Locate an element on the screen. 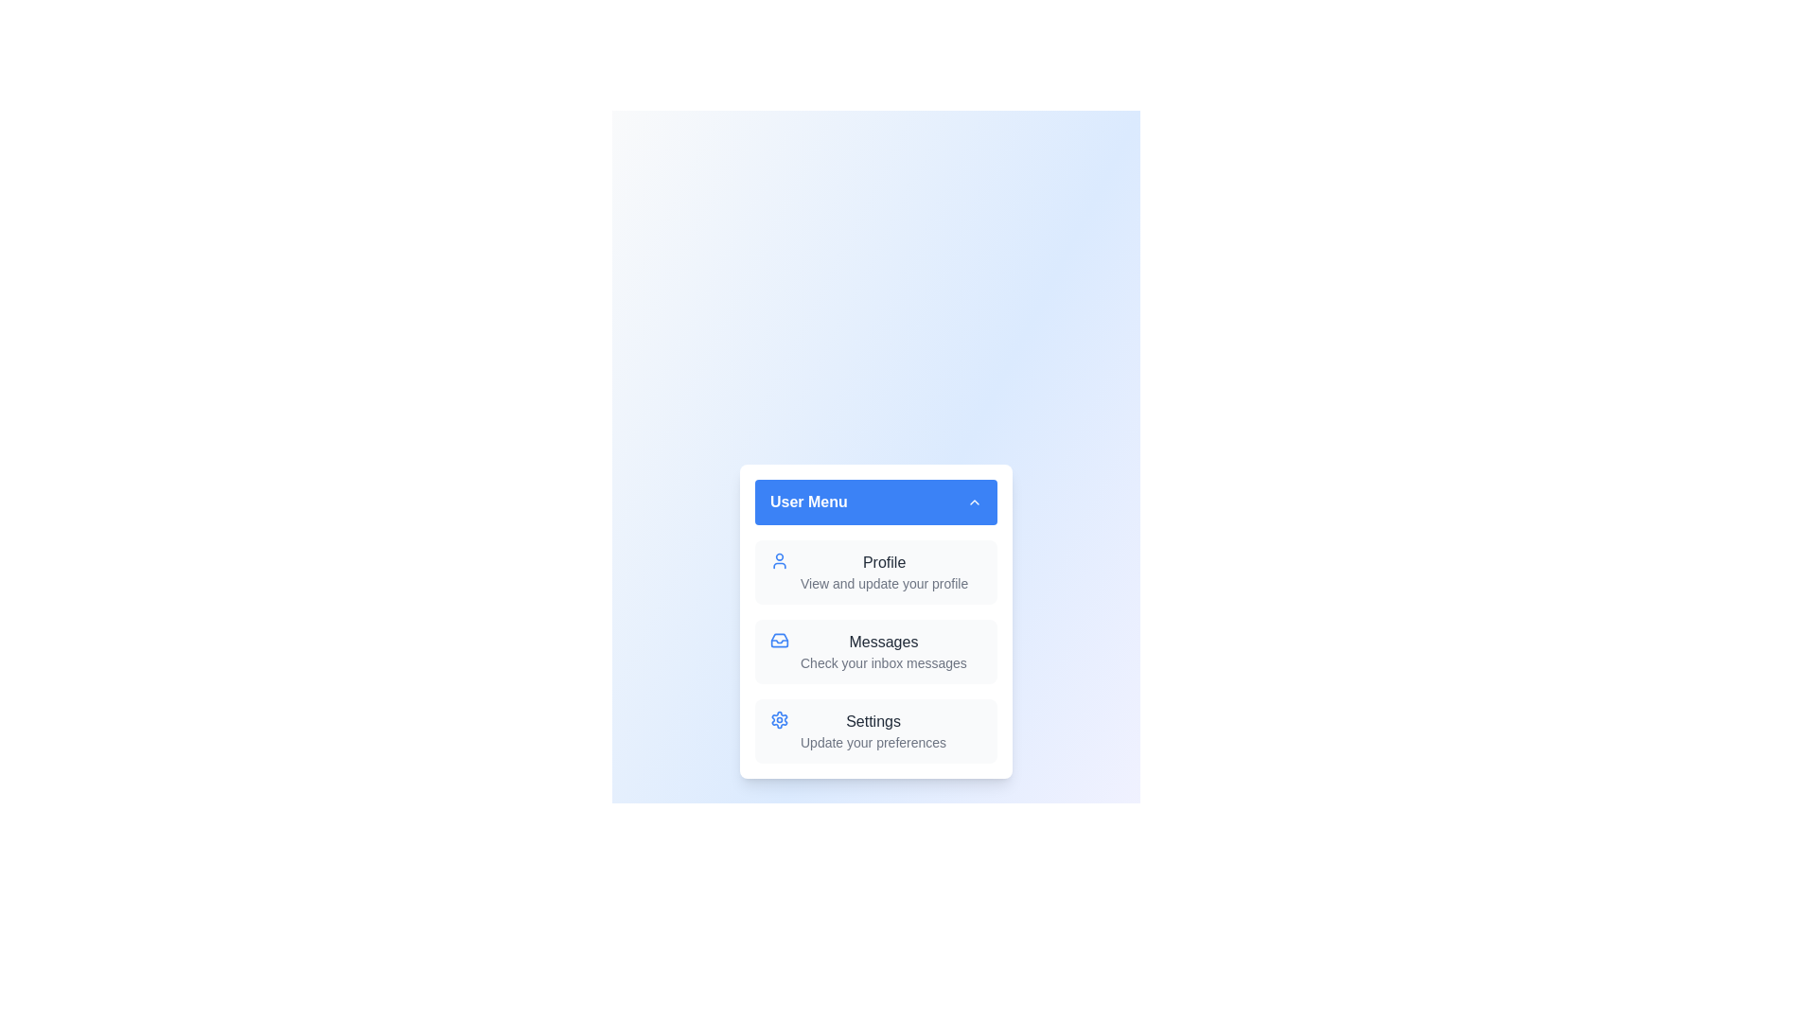 The width and height of the screenshot is (1817, 1022). the menu item Settings from the User Menu is located at coordinates (875, 730).